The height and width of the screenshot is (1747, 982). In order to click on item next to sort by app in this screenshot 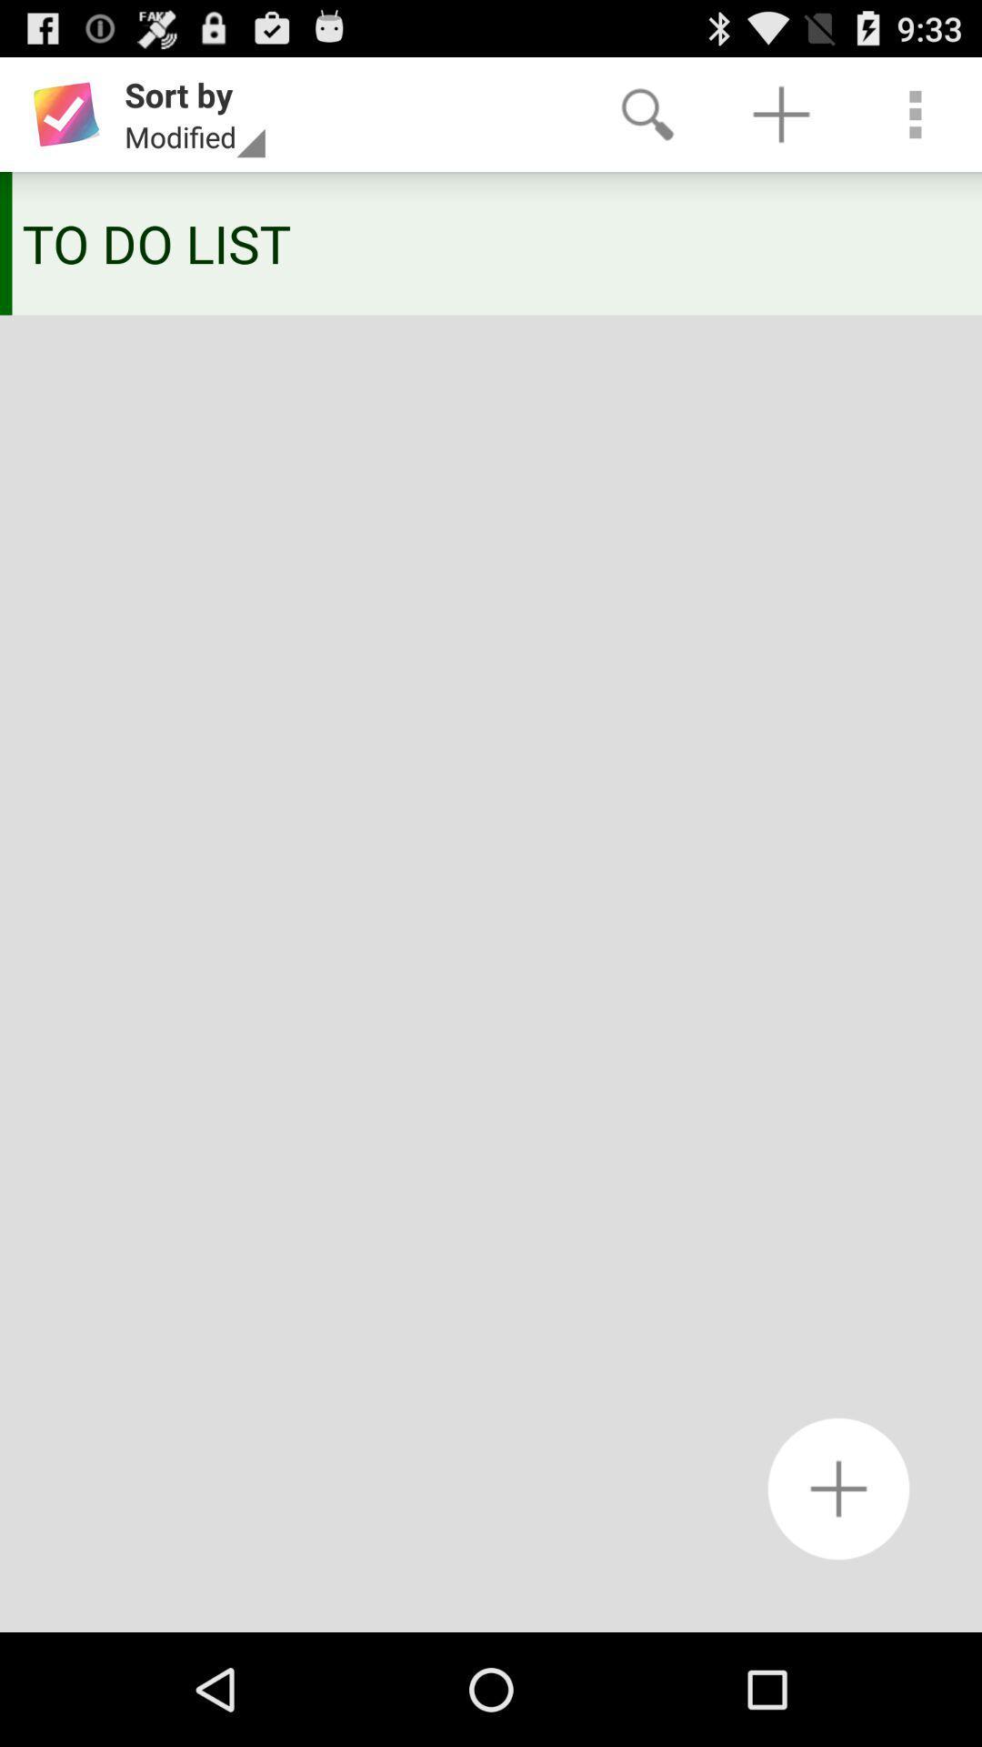, I will do `click(646, 113)`.